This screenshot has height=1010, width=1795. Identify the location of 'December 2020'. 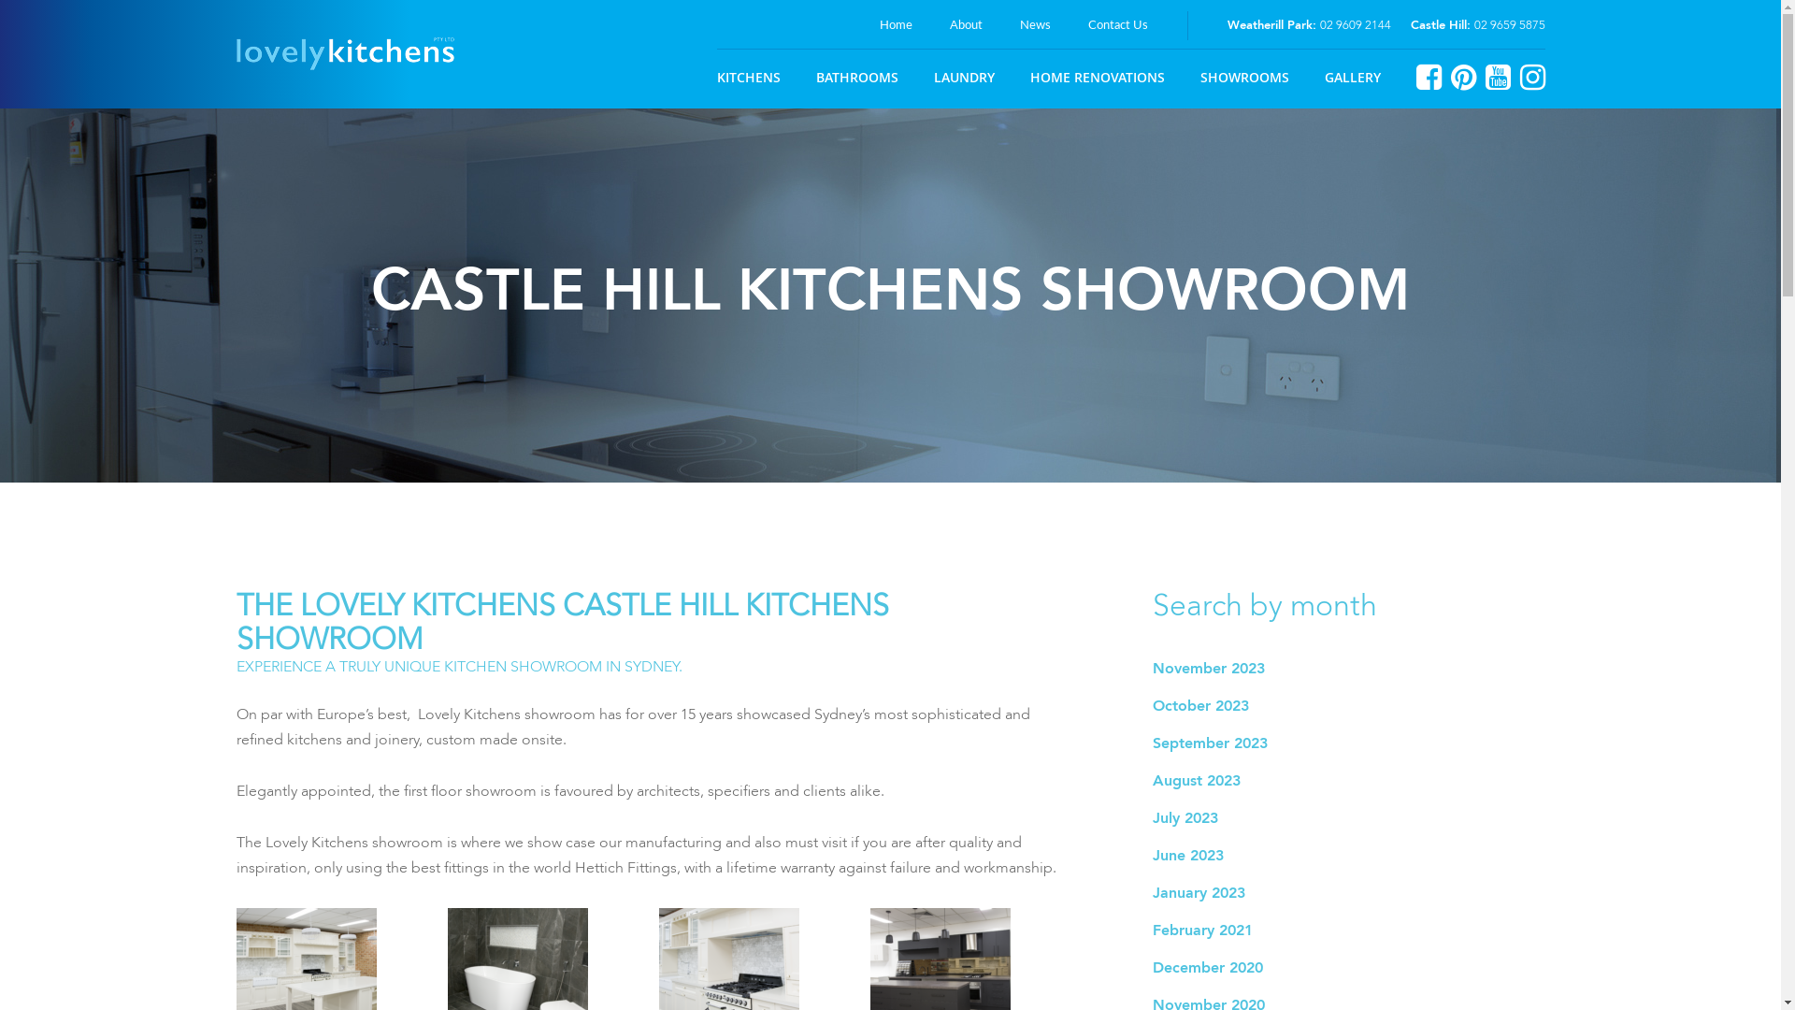
(1151, 968).